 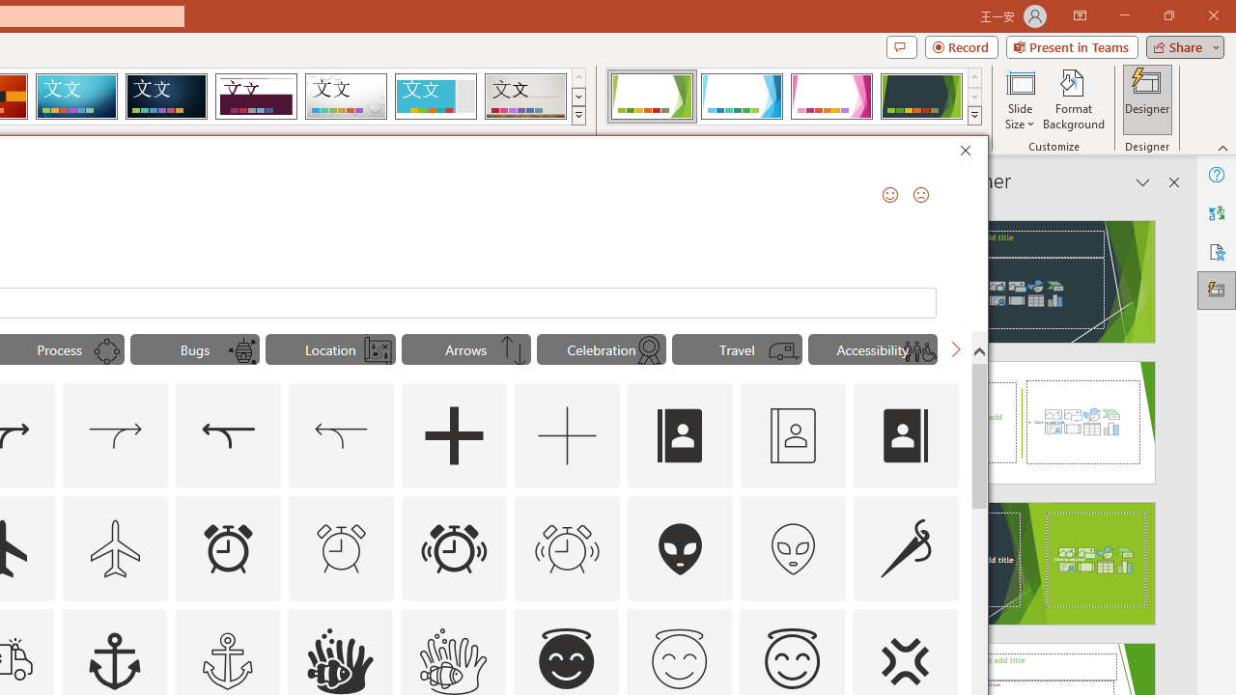 What do you see at coordinates (565, 657) in the screenshot?
I see `'AutomationID: _134_Angel_Face_A'` at bounding box center [565, 657].